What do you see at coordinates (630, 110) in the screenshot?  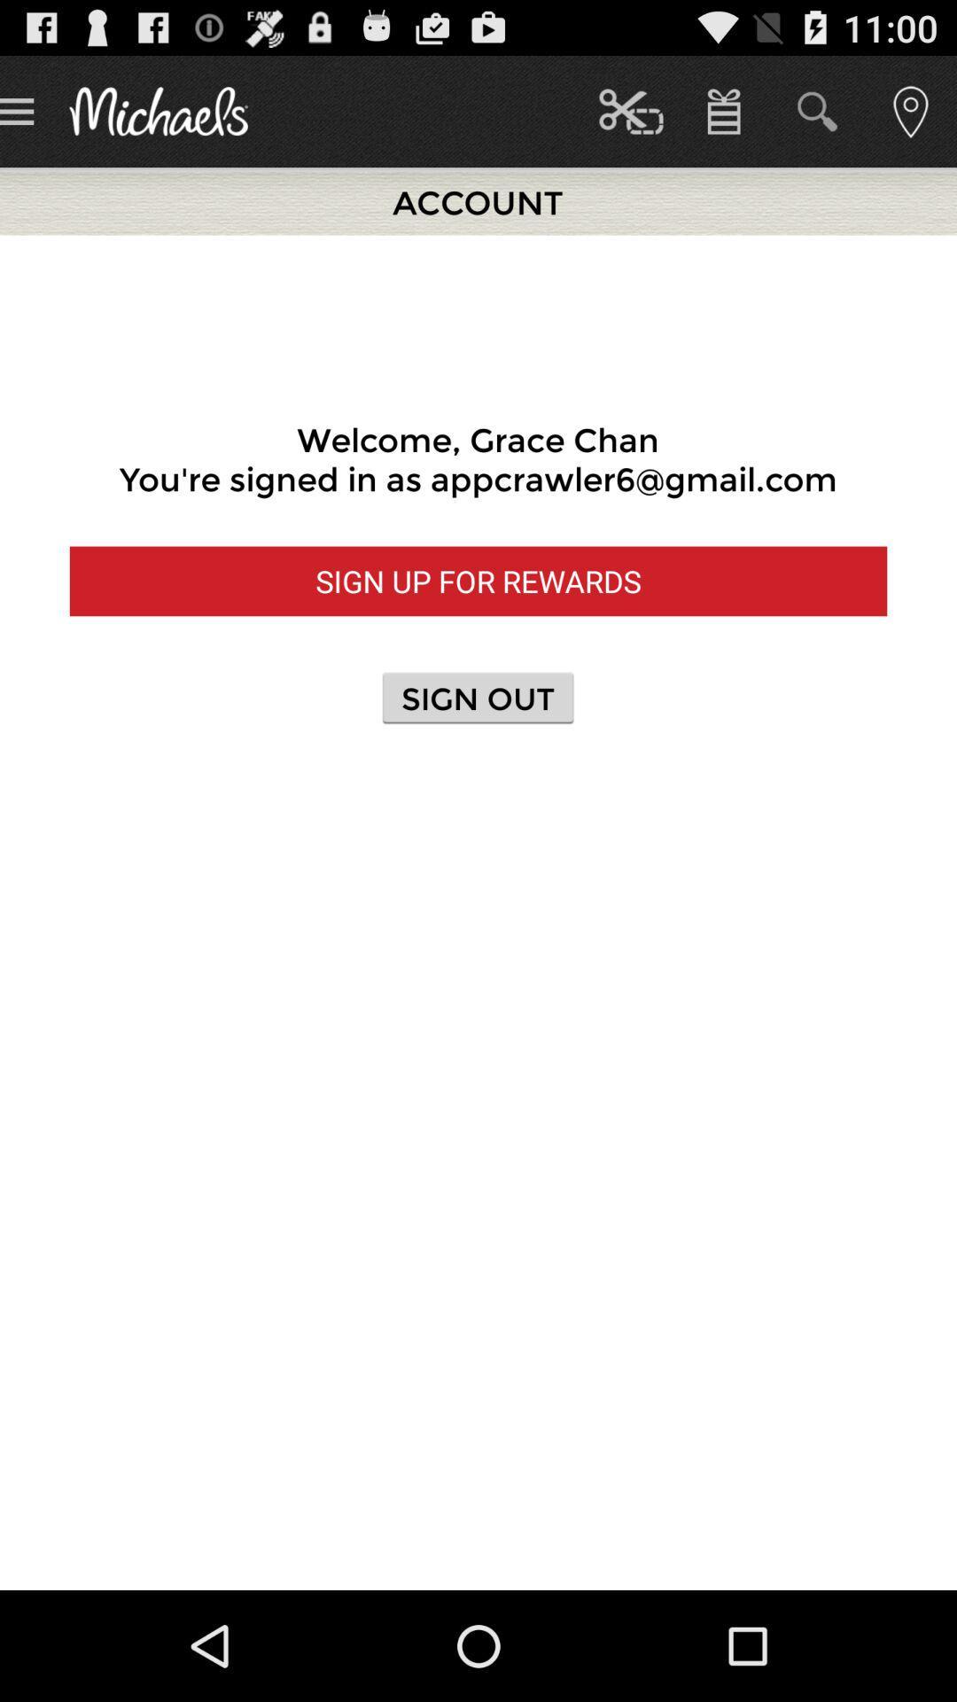 I see `the app to the right of the account icon` at bounding box center [630, 110].